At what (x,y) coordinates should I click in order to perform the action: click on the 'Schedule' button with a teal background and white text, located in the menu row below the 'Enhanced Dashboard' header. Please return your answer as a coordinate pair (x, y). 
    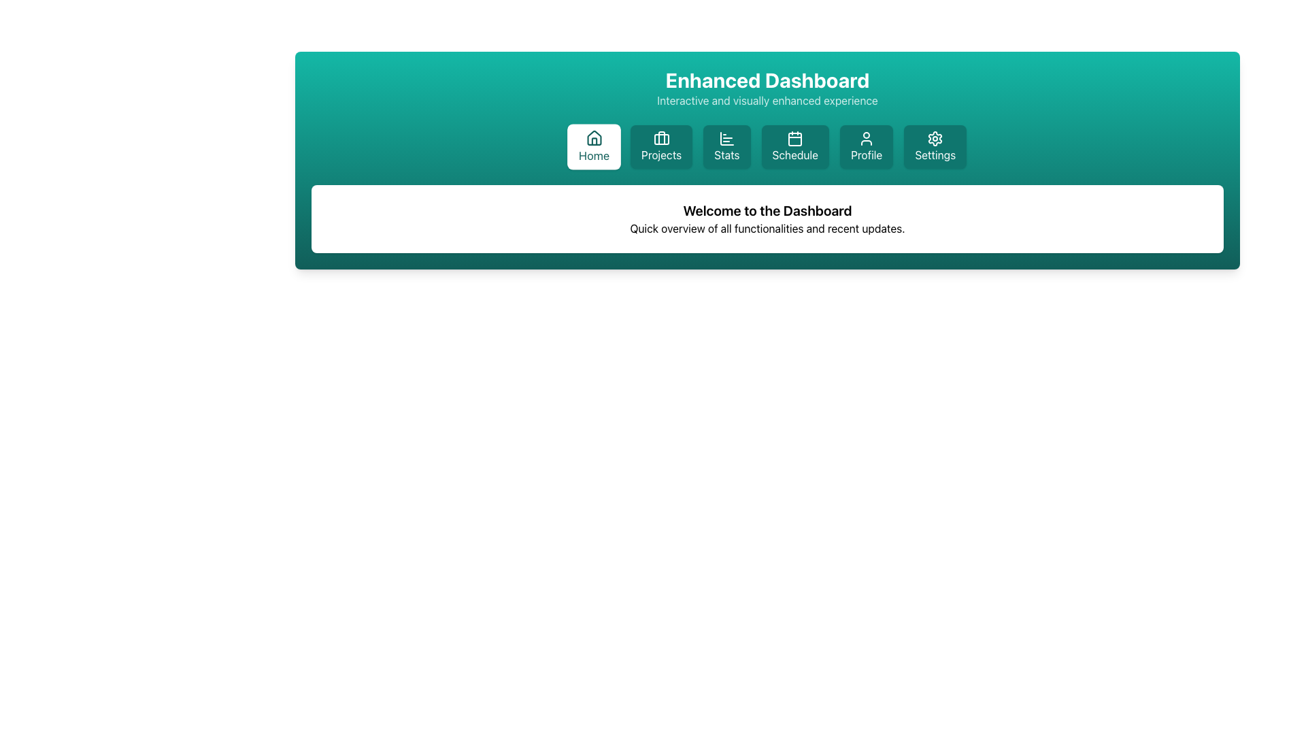
    Looking at the image, I should click on (795, 147).